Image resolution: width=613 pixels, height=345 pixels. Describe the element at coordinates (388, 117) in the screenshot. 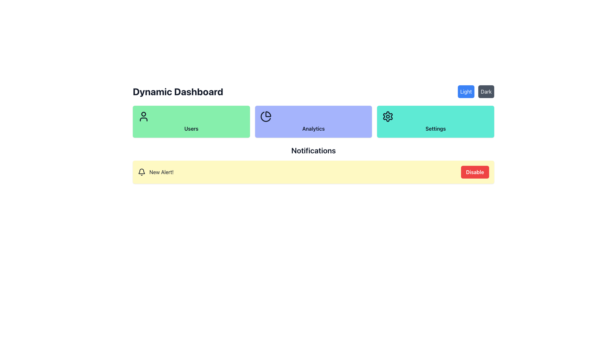

I see `the gear-shaped settings icon with a black outline on a teal background` at that location.